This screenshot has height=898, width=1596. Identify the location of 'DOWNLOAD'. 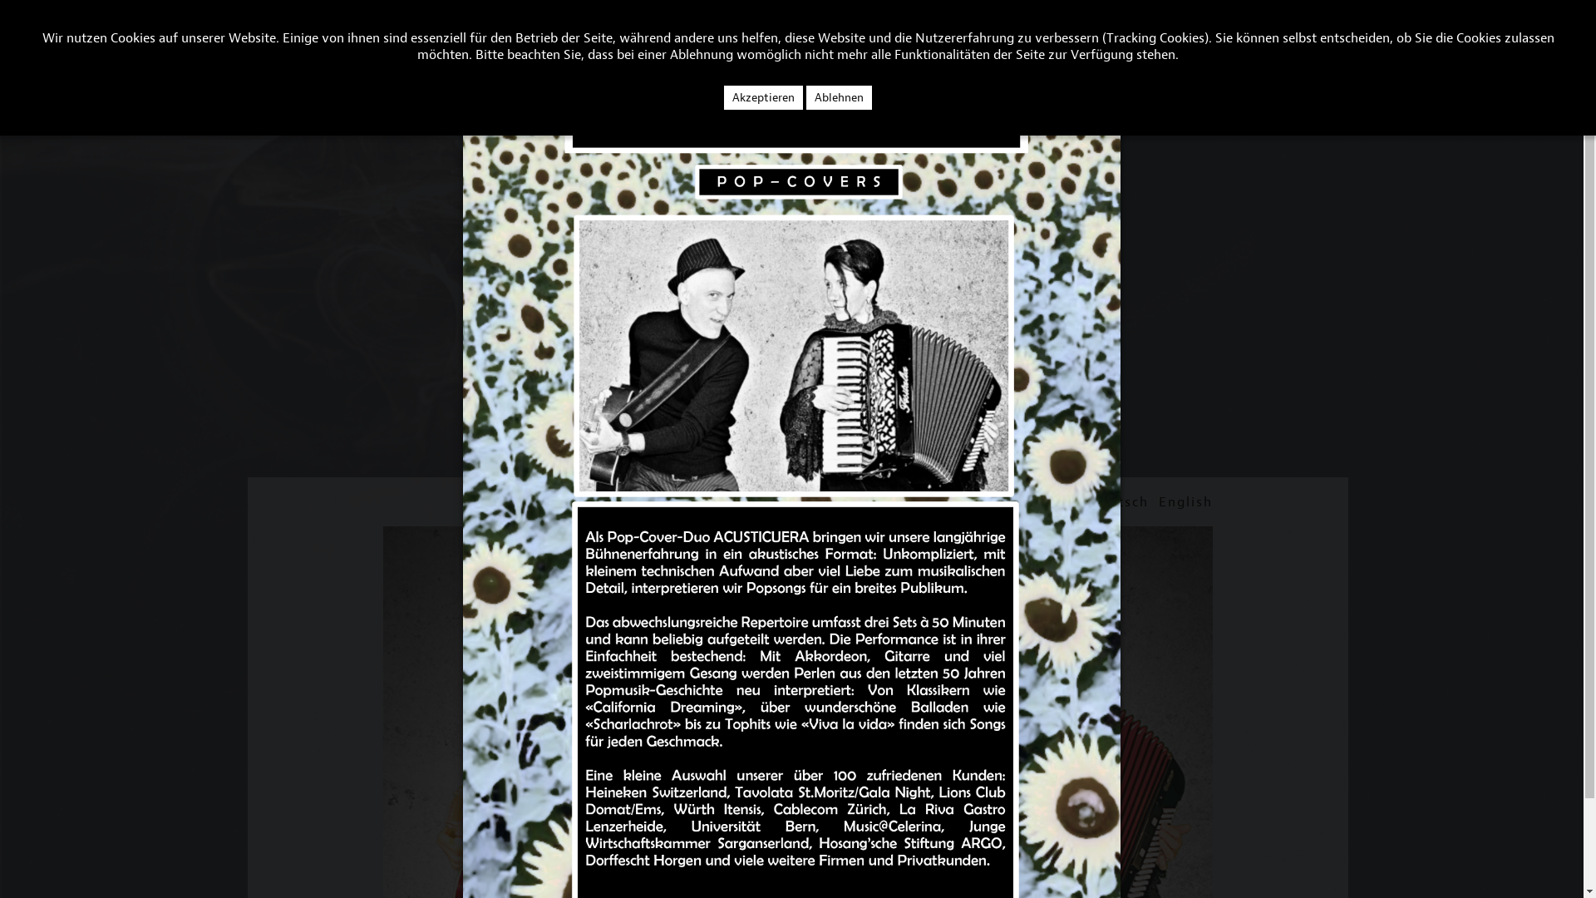
(348, 47).